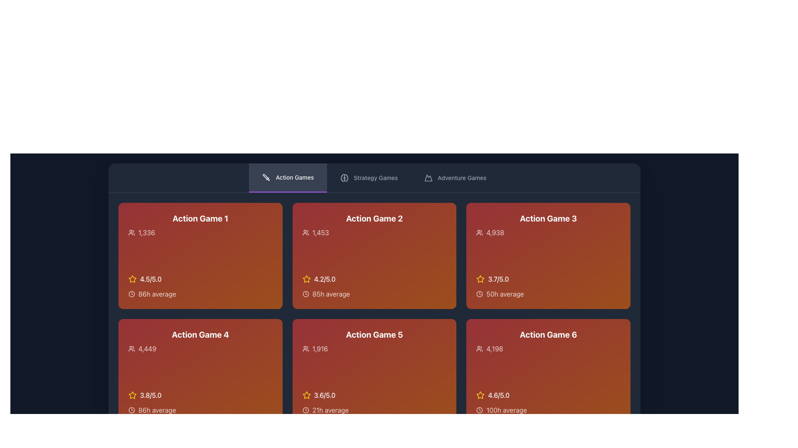  What do you see at coordinates (429, 177) in the screenshot?
I see `the mountain-shaped icon located in the upper navigation bar, specifically centered within the 'Adventure Games' tab, which is positioned between the 'Strategy Games' and 'Action Games' tabs` at bounding box center [429, 177].